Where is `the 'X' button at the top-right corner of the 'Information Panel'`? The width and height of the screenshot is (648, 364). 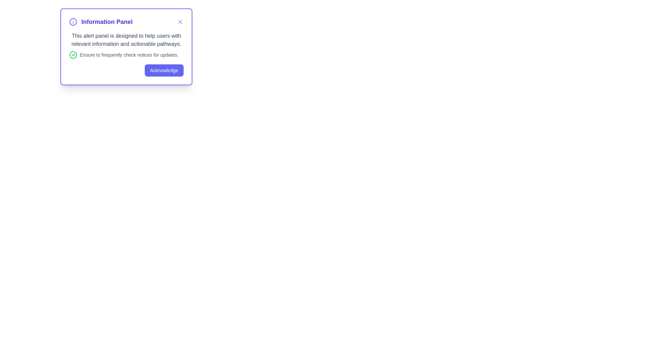
the 'X' button at the top-right corner of the 'Information Panel' is located at coordinates (180, 22).